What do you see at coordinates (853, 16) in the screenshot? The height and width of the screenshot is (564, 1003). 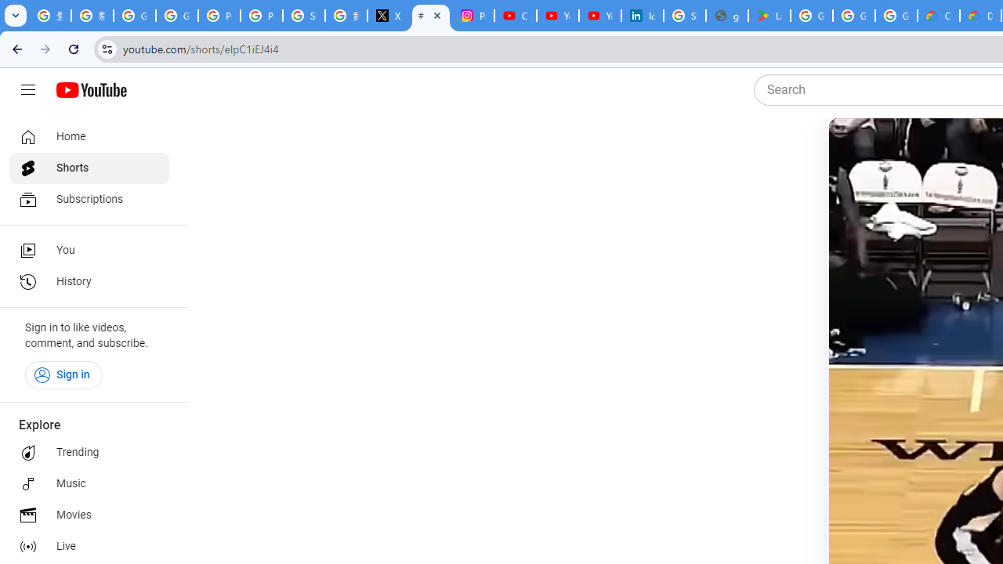 I see `'Google Workspace - Specific Terms'` at bounding box center [853, 16].